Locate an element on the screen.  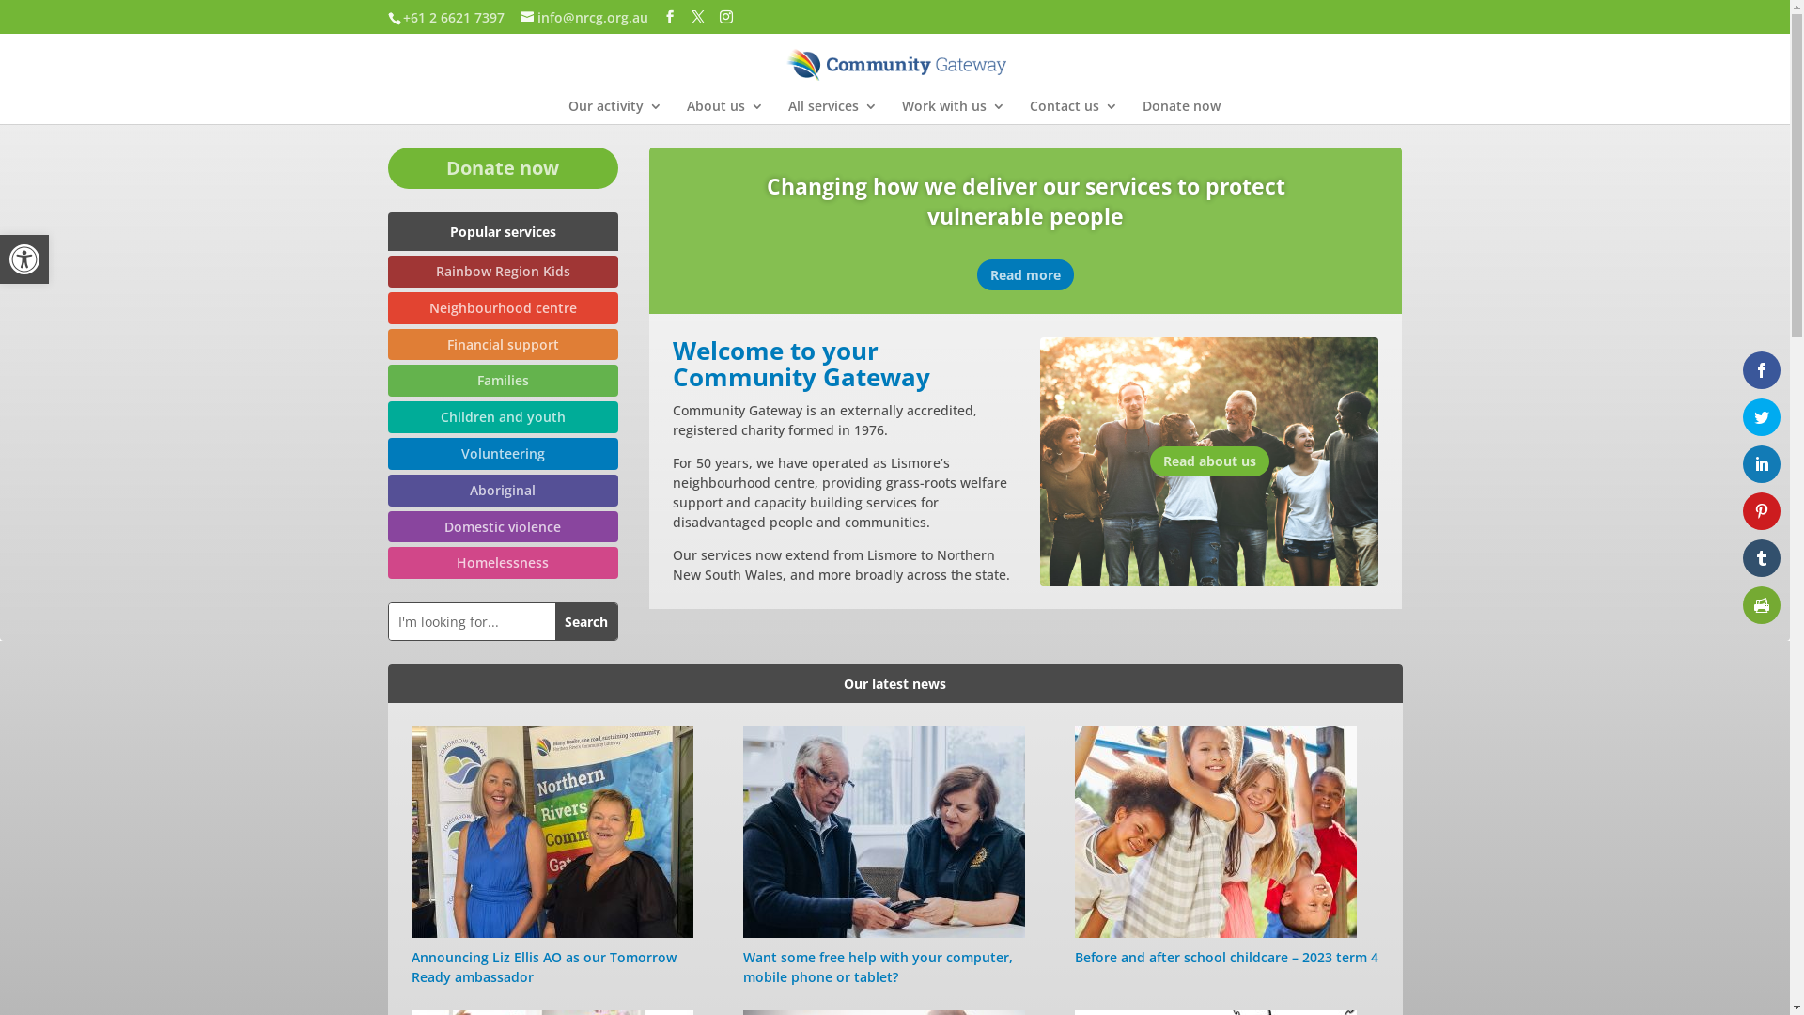
'Donate now' is located at coordinates (1141, 112).